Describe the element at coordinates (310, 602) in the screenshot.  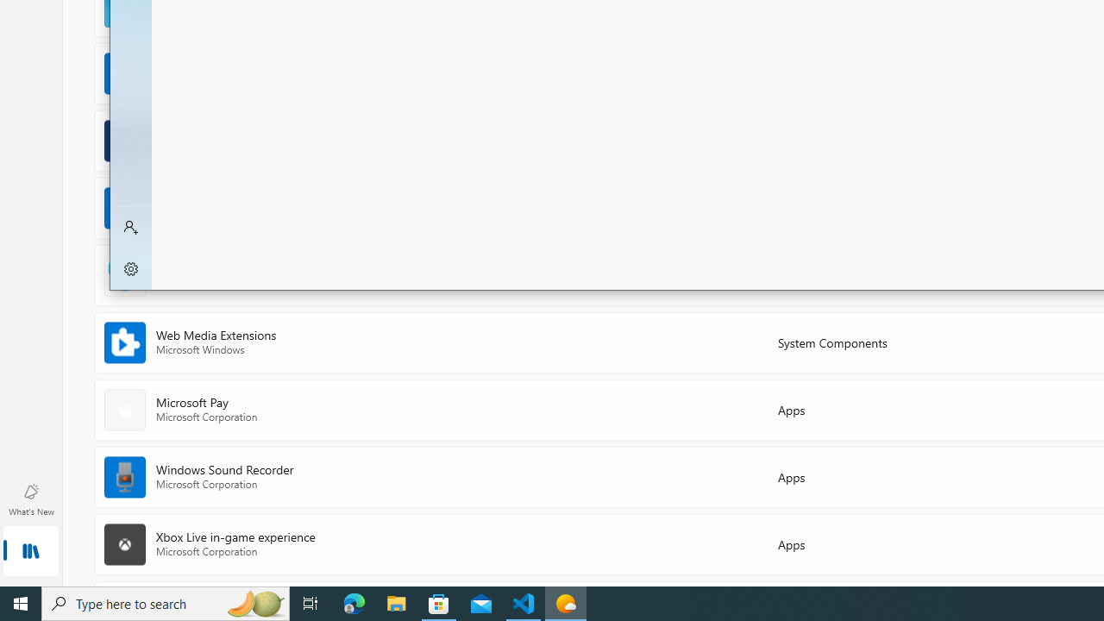
I see `'Task View'` at that location.